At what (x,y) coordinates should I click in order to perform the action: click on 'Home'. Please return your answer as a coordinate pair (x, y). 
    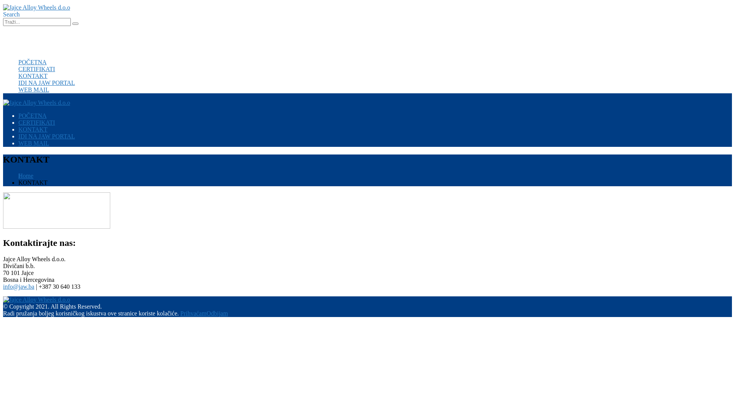
    Looking at the image, I should click on (26, 176).